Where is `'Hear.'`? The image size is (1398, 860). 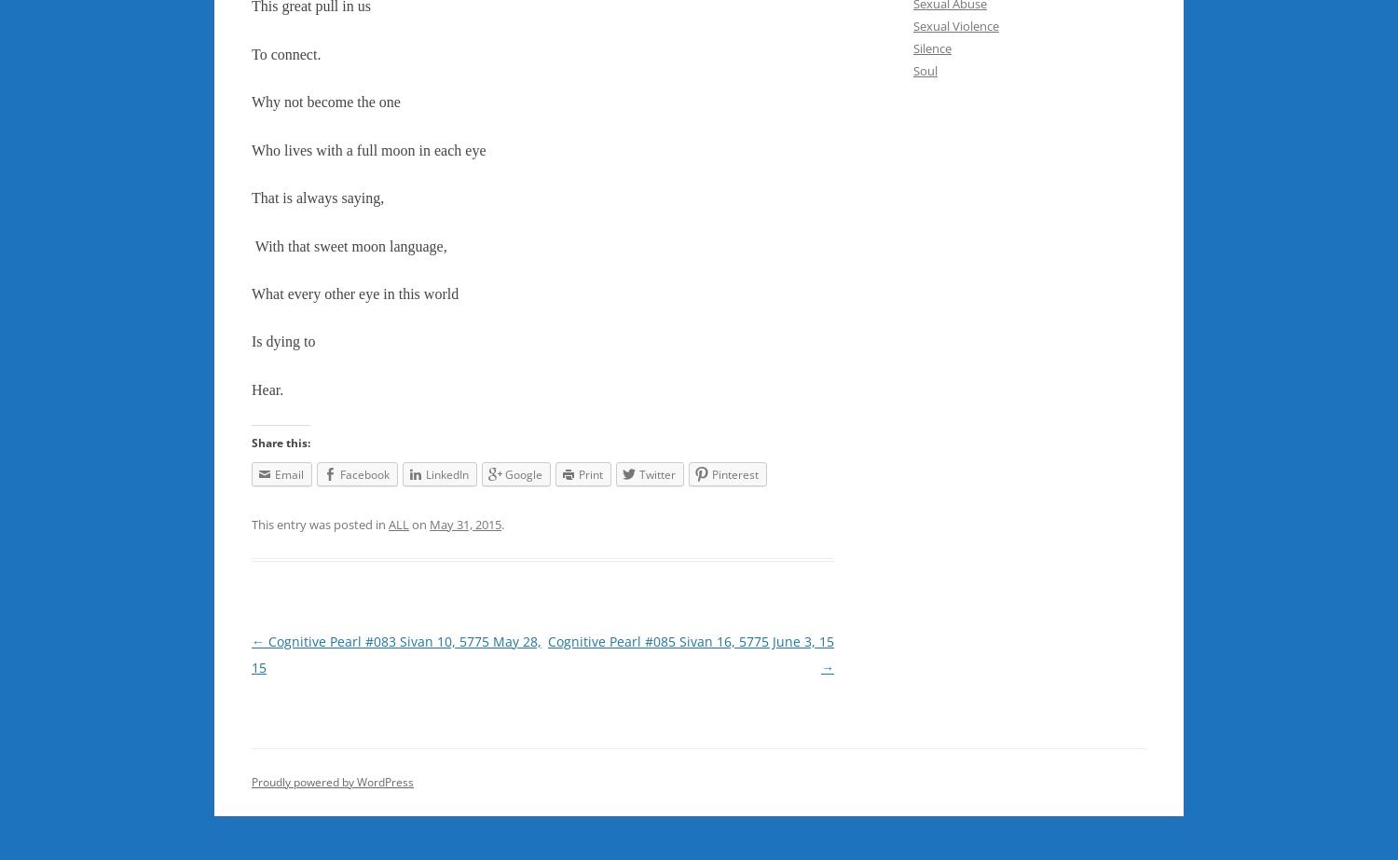 'Hear.' is located at coordinates (267, 389).